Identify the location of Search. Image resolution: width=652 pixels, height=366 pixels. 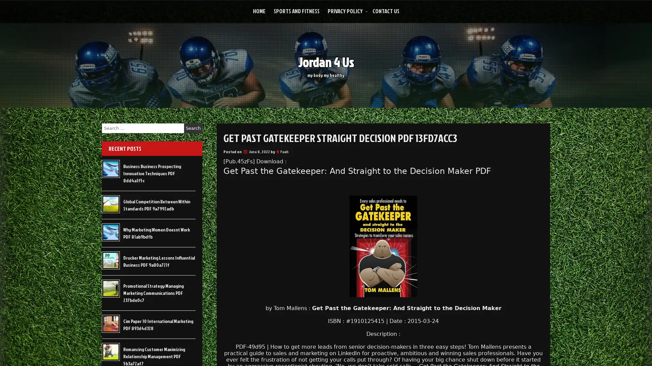
(193, 128).